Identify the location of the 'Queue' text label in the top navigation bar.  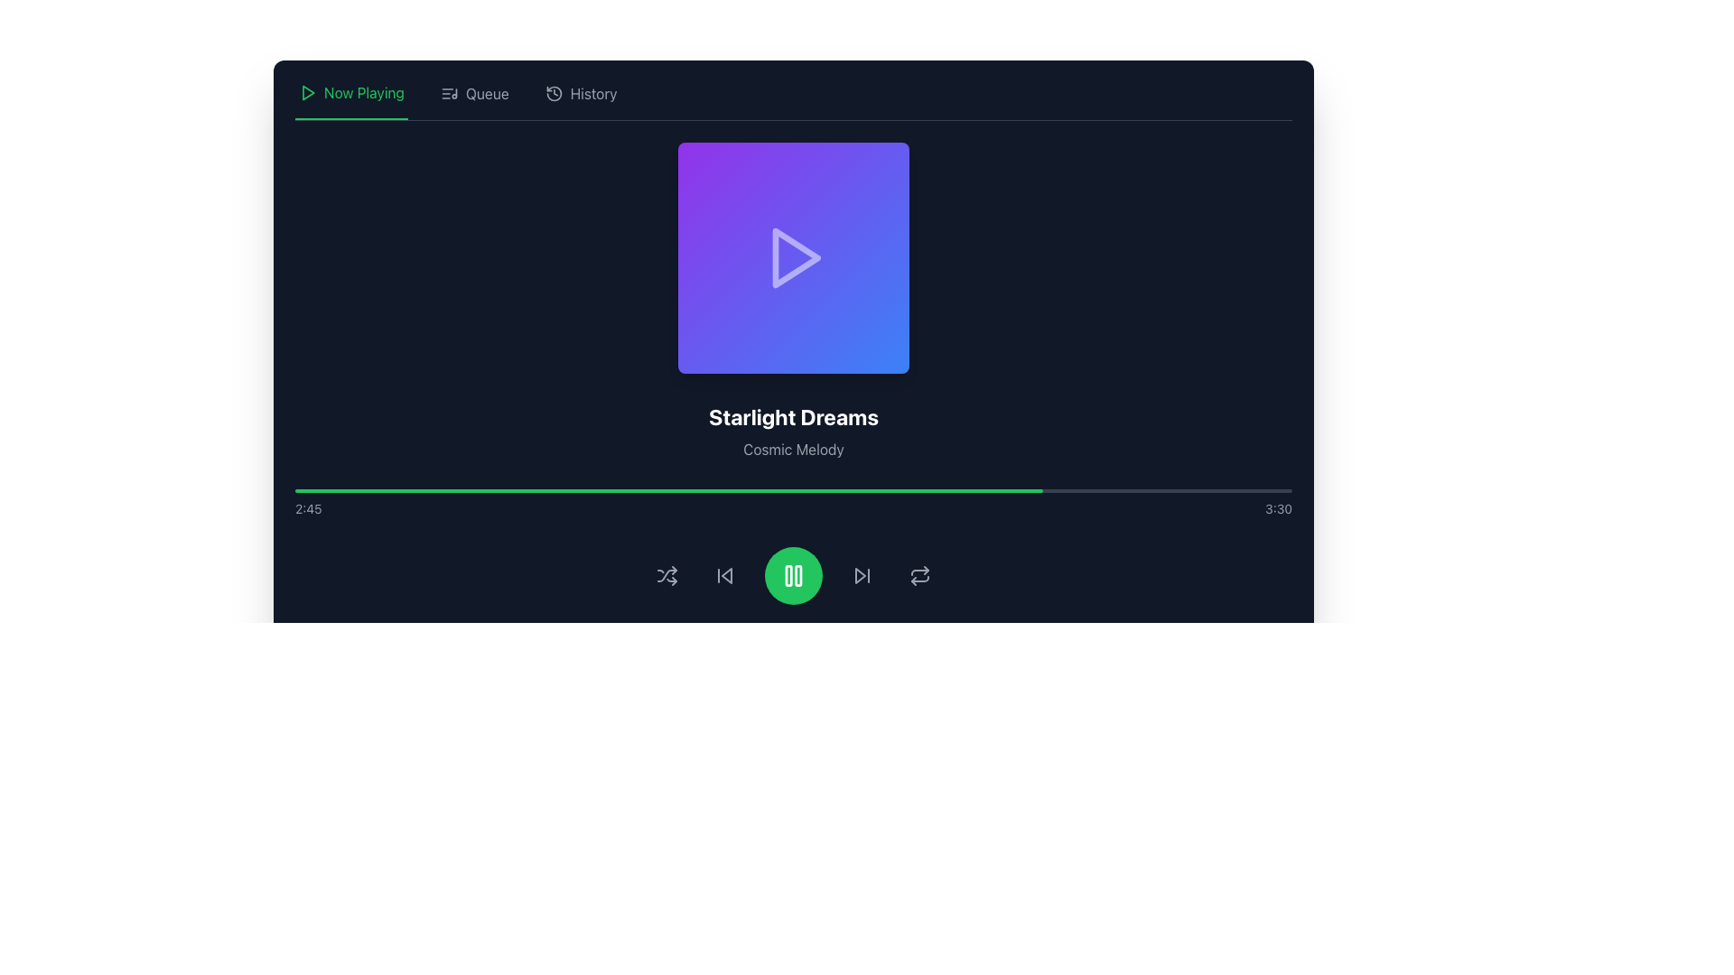
(487, 94).